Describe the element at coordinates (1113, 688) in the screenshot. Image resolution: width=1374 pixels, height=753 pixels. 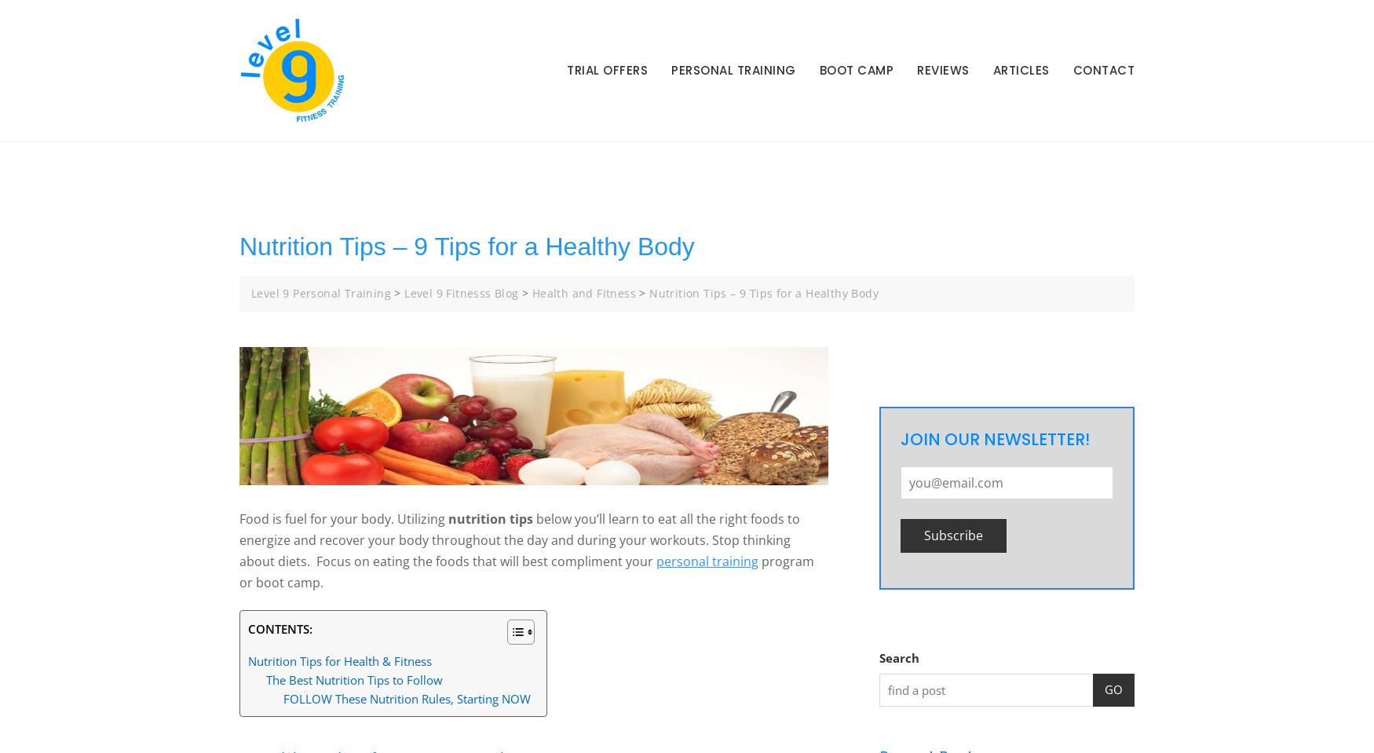
I see `'GO'` at that location.